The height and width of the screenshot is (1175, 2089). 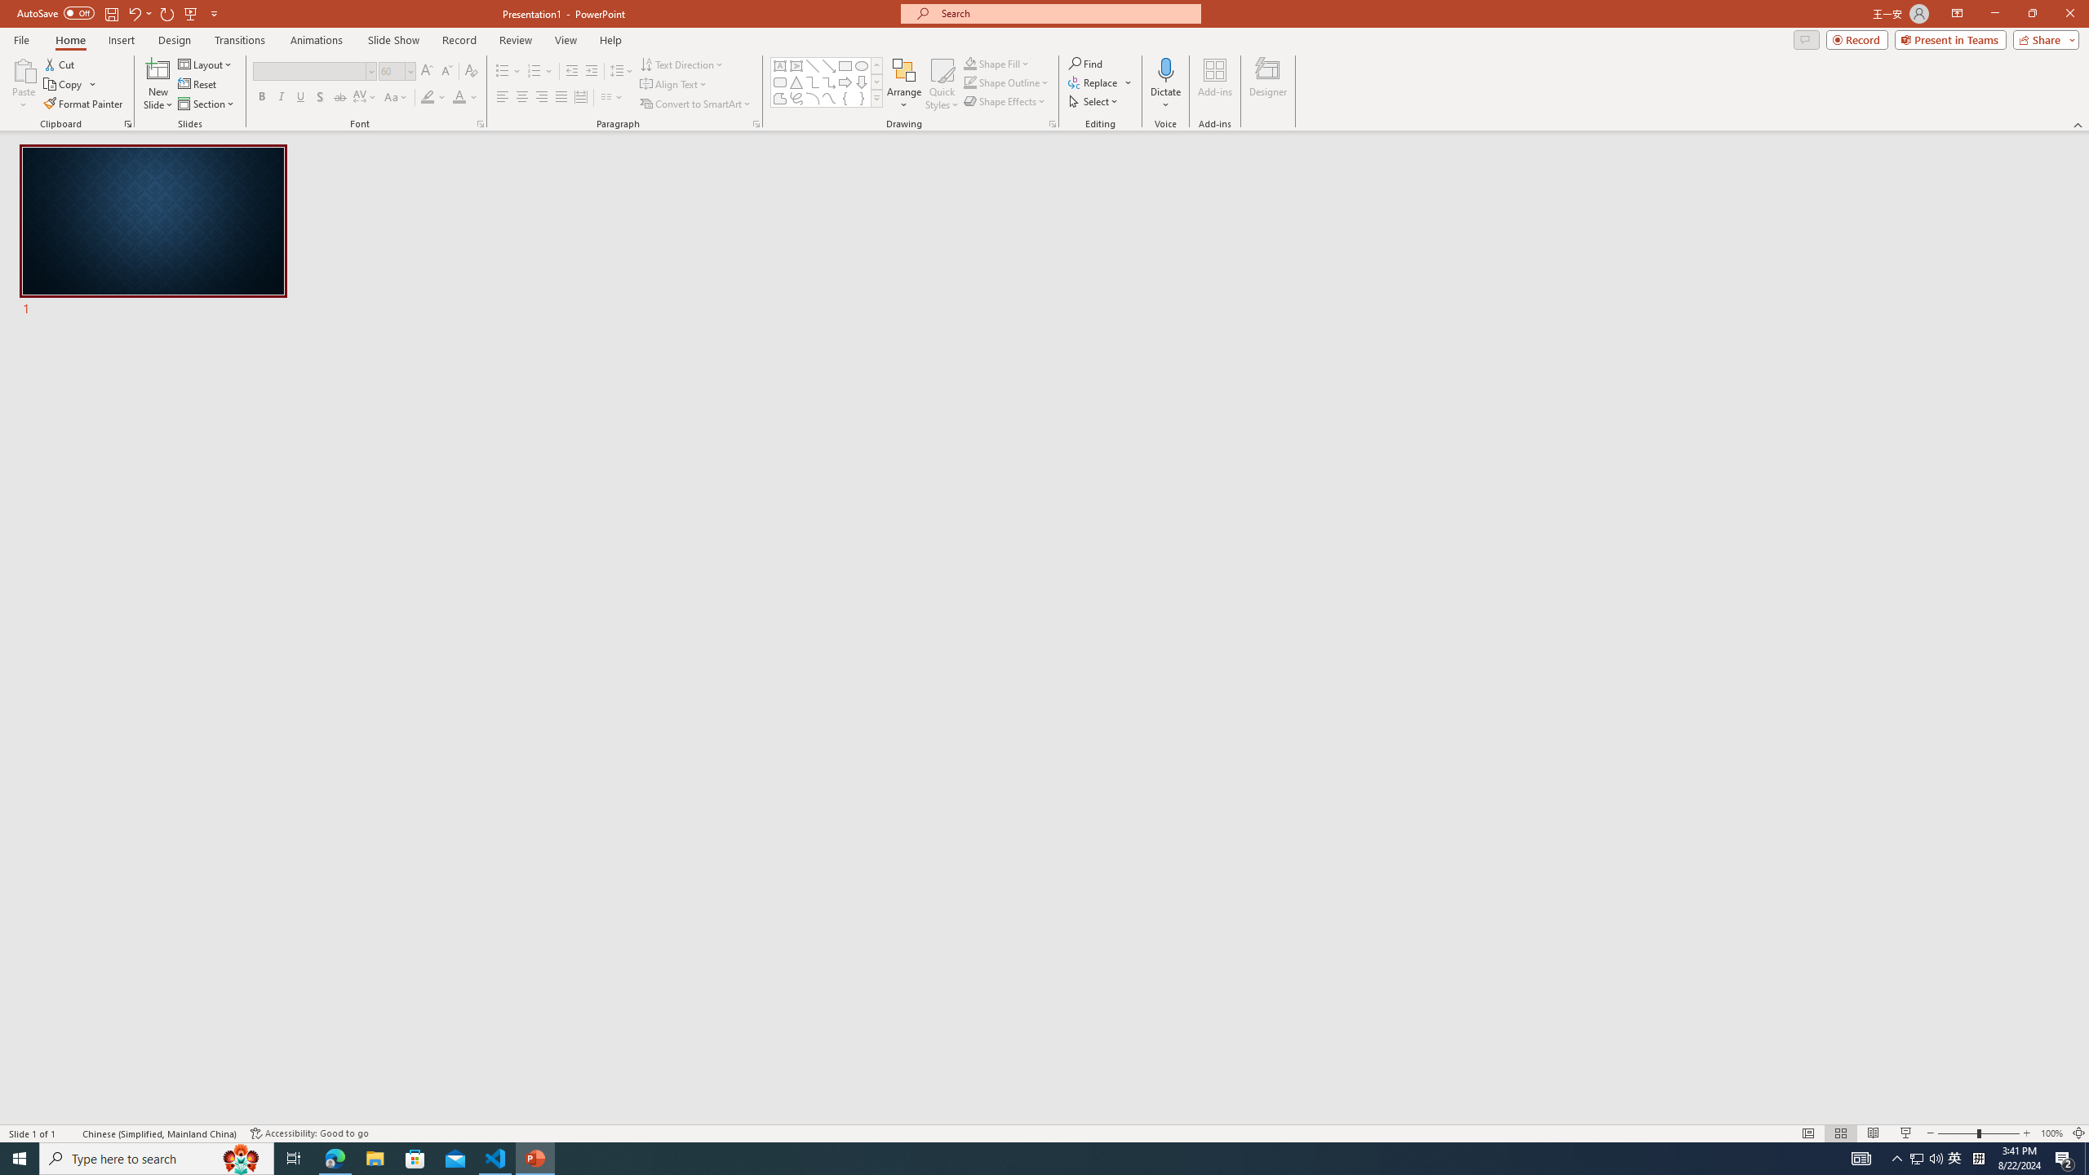 What do you see at coordinates (861, 81) in the screenshot?
I see `'Arrow: Down'` at bounding box center [861, 81].